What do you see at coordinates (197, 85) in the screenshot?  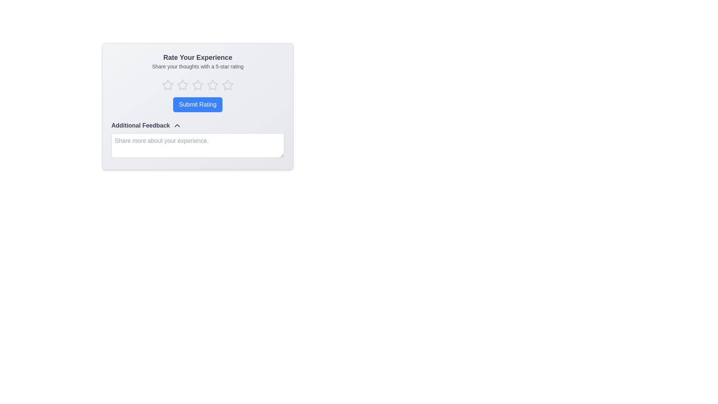 I see `across the five outlined stars in the rating component` at bounding box center [197, 85].